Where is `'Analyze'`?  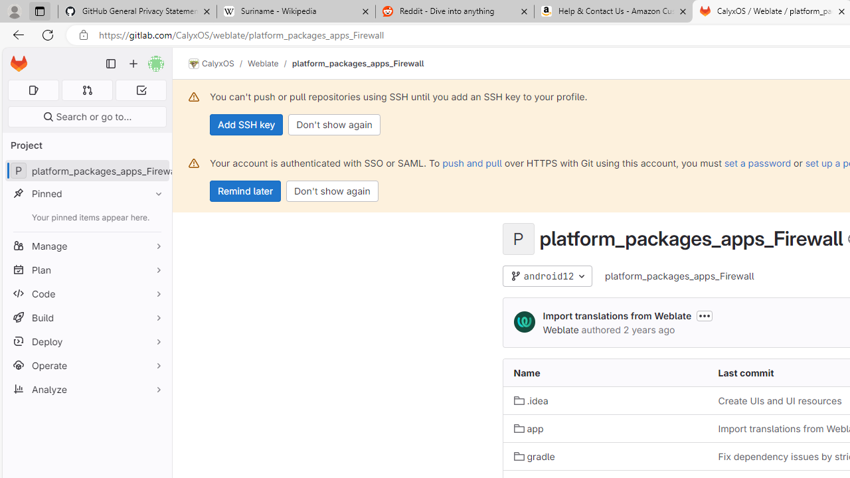 'Analyze' is located at coordinates (86, 388).